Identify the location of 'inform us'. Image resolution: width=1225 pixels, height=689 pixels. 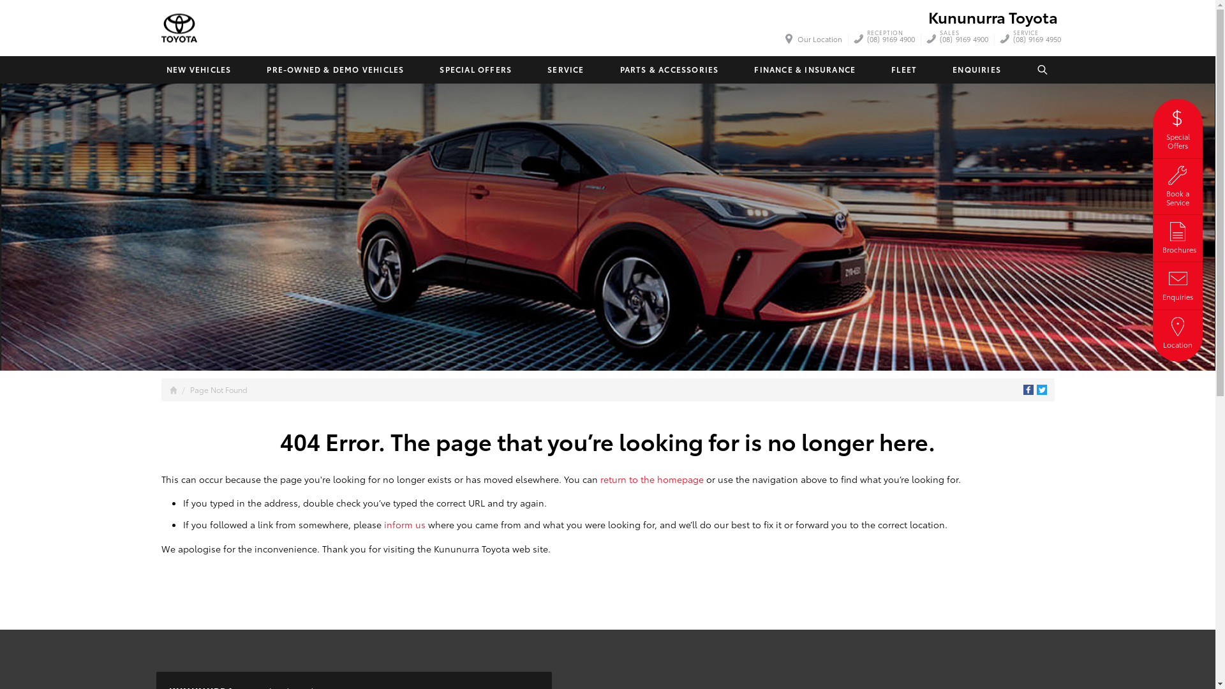
(404, 524).